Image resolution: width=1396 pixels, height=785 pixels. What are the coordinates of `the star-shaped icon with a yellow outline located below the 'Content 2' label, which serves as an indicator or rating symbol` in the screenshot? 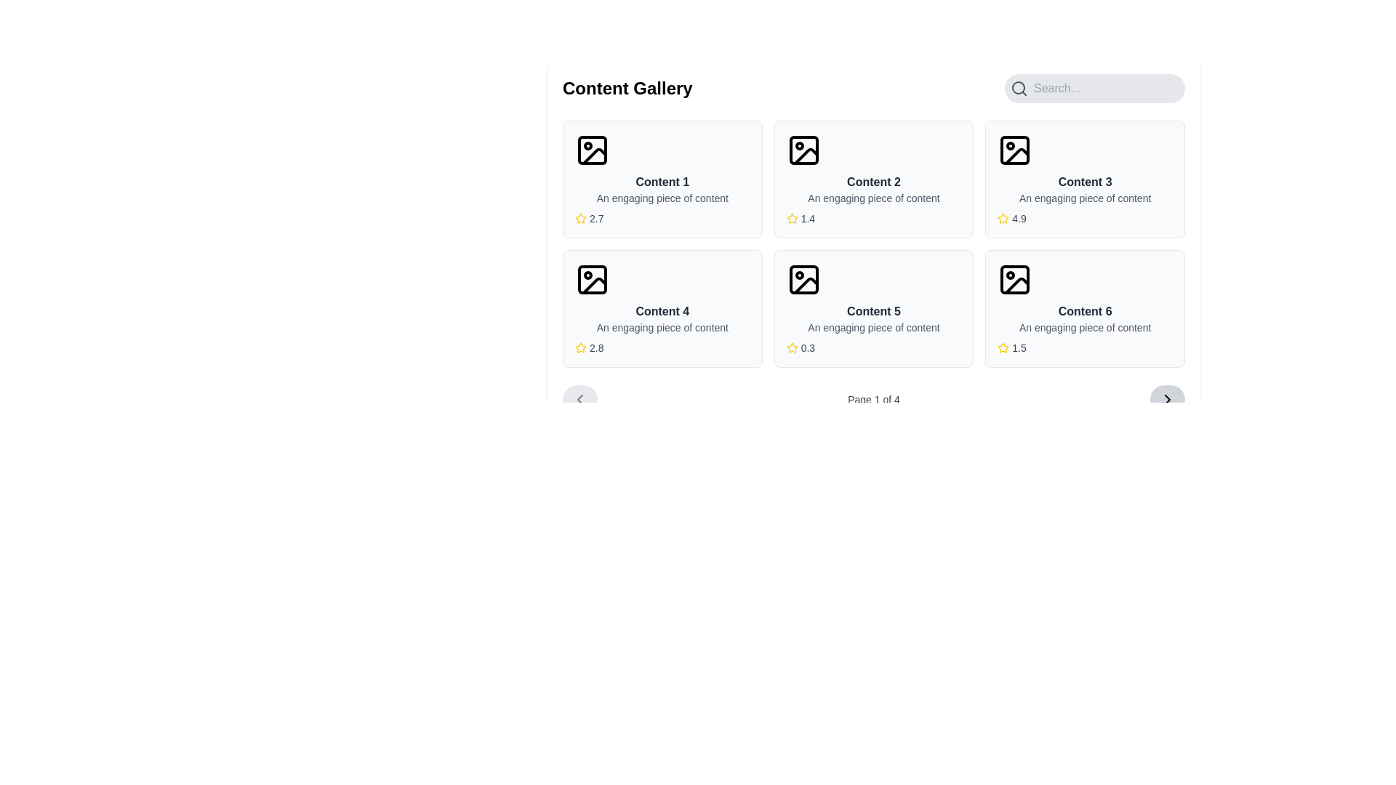 It's located at (791, 218).